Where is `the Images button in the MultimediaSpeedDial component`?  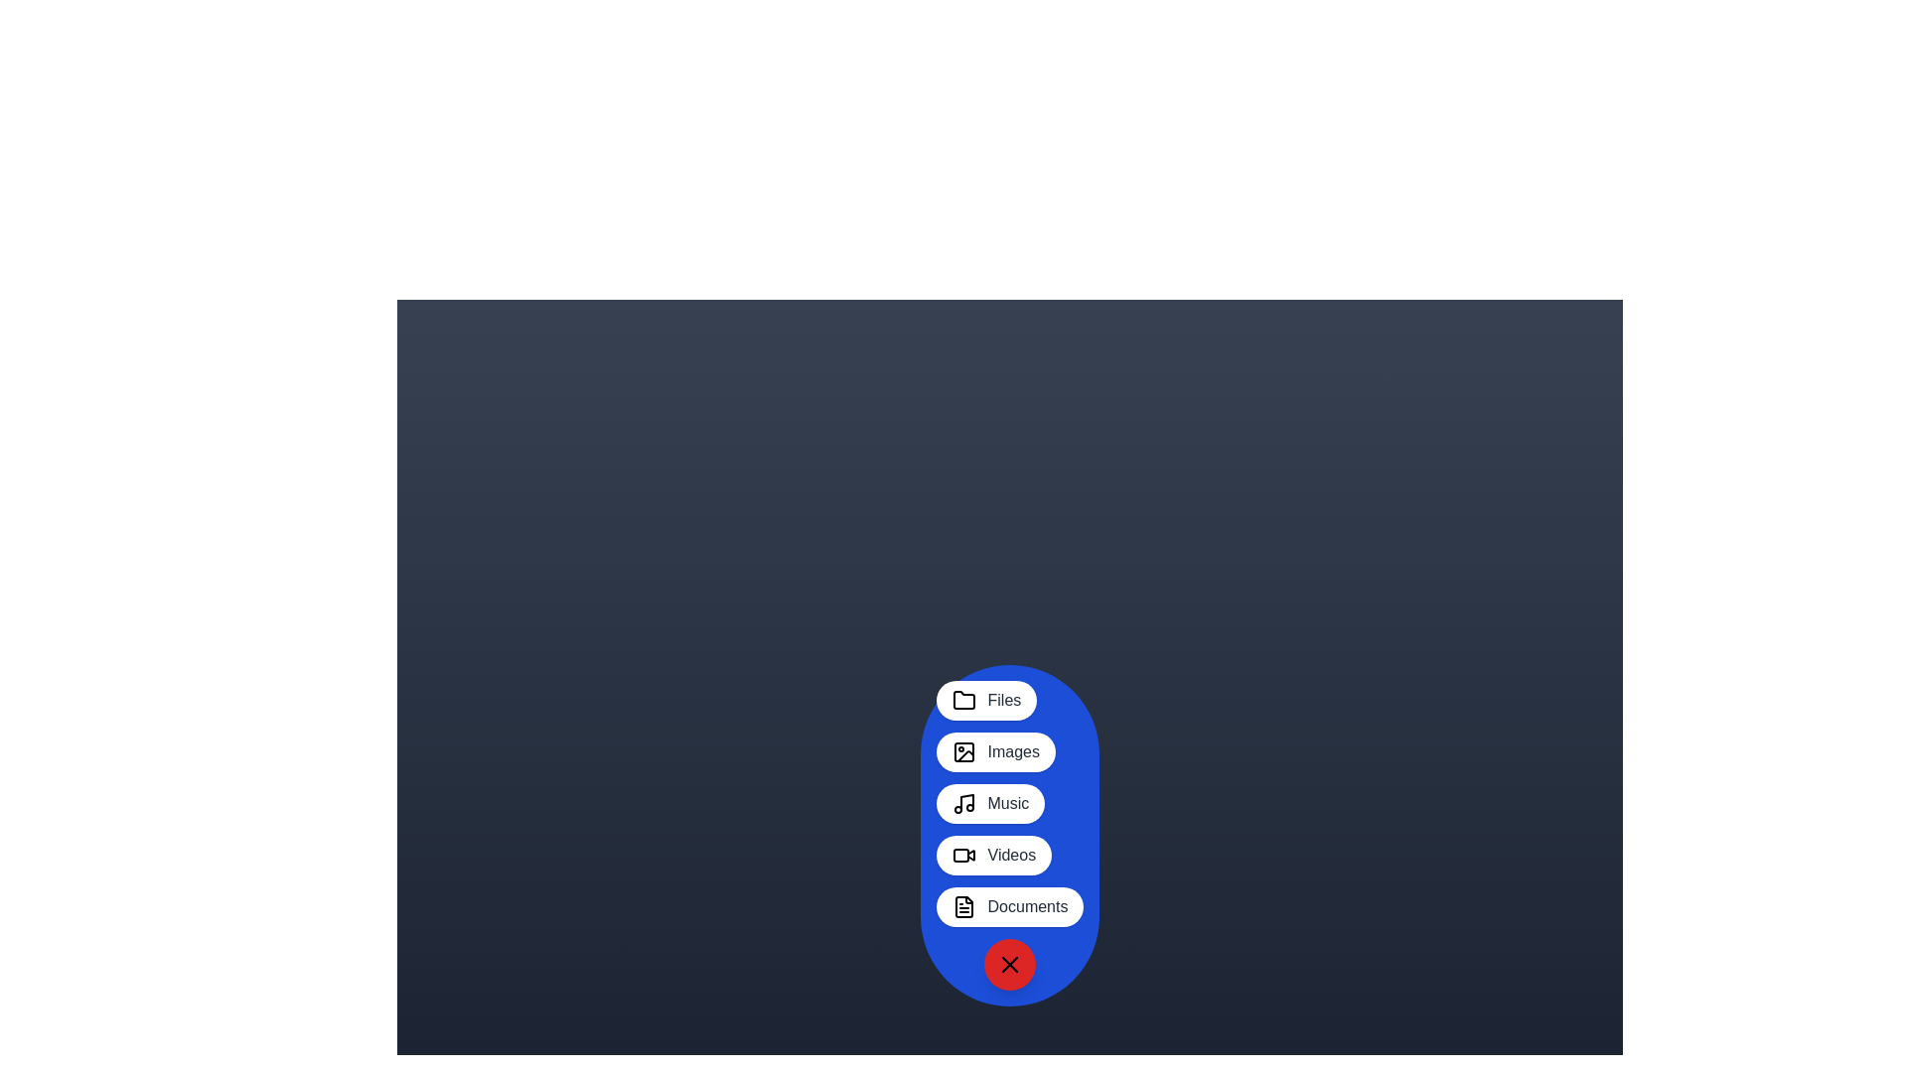 the Images button in the MultimediaSpeedDial component is located at coordinates (996, 752).